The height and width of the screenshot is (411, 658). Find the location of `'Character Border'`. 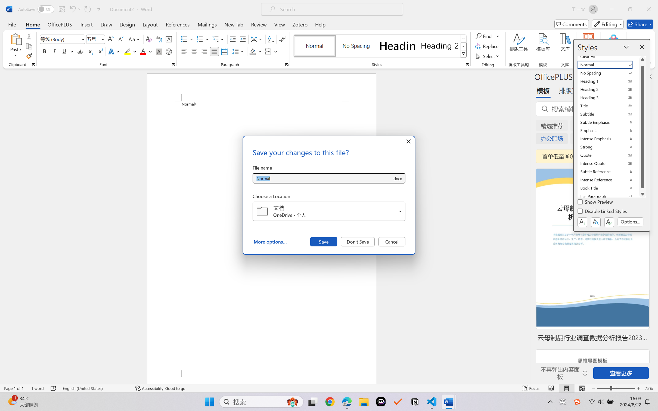

'Character Border' is located at coordinates (169, 39).